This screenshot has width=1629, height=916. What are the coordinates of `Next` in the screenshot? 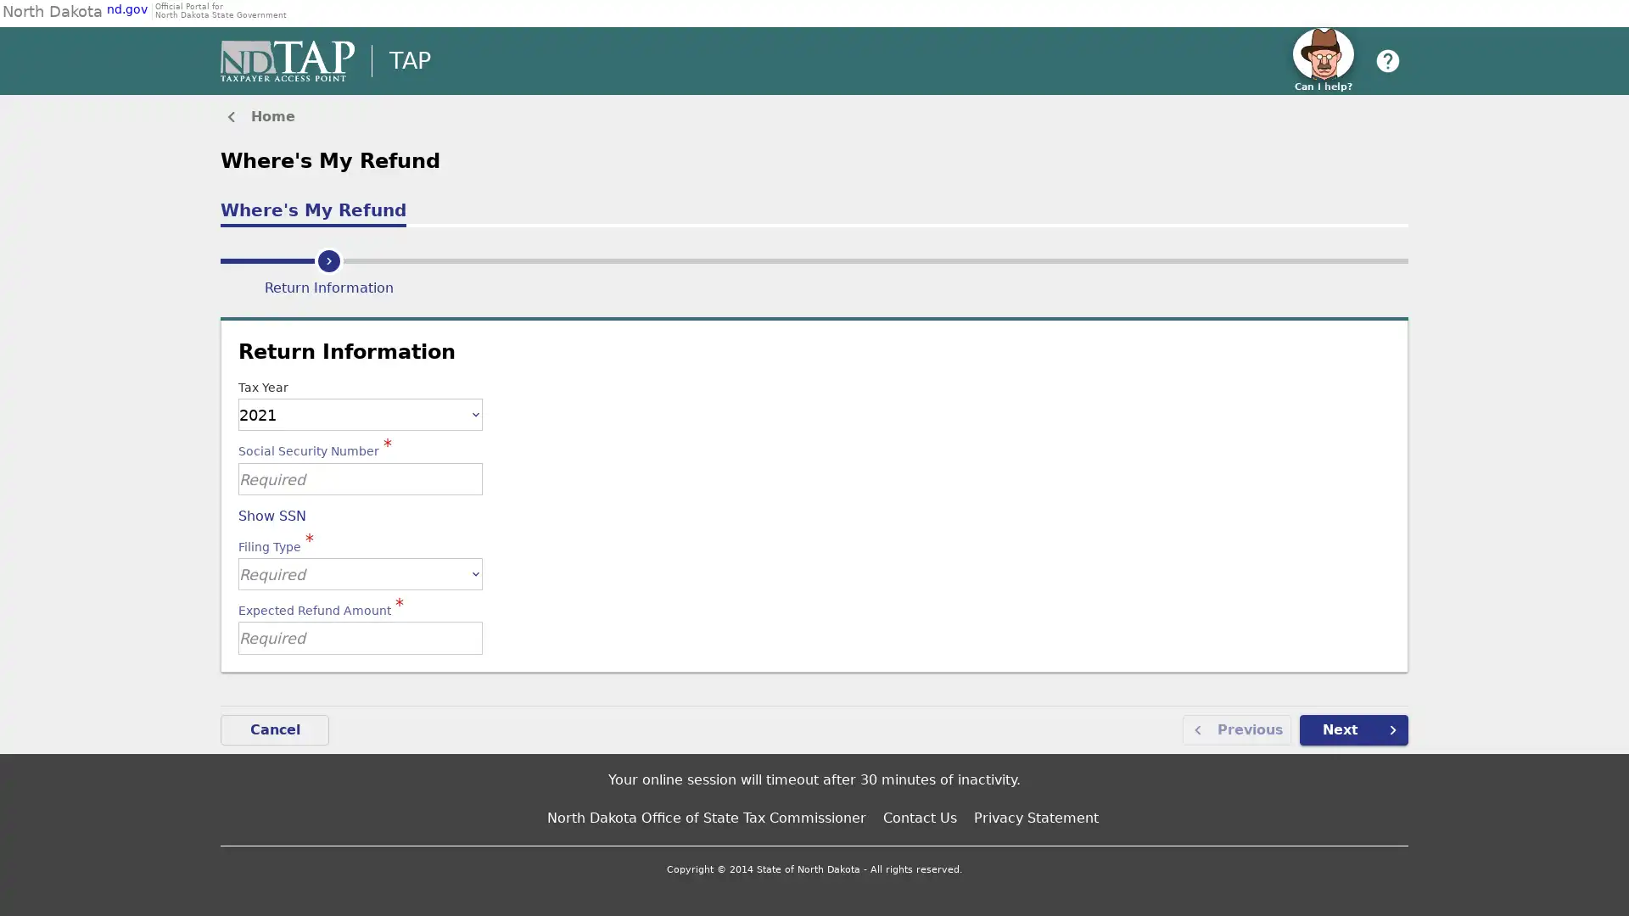 It's located at (1353, 729).